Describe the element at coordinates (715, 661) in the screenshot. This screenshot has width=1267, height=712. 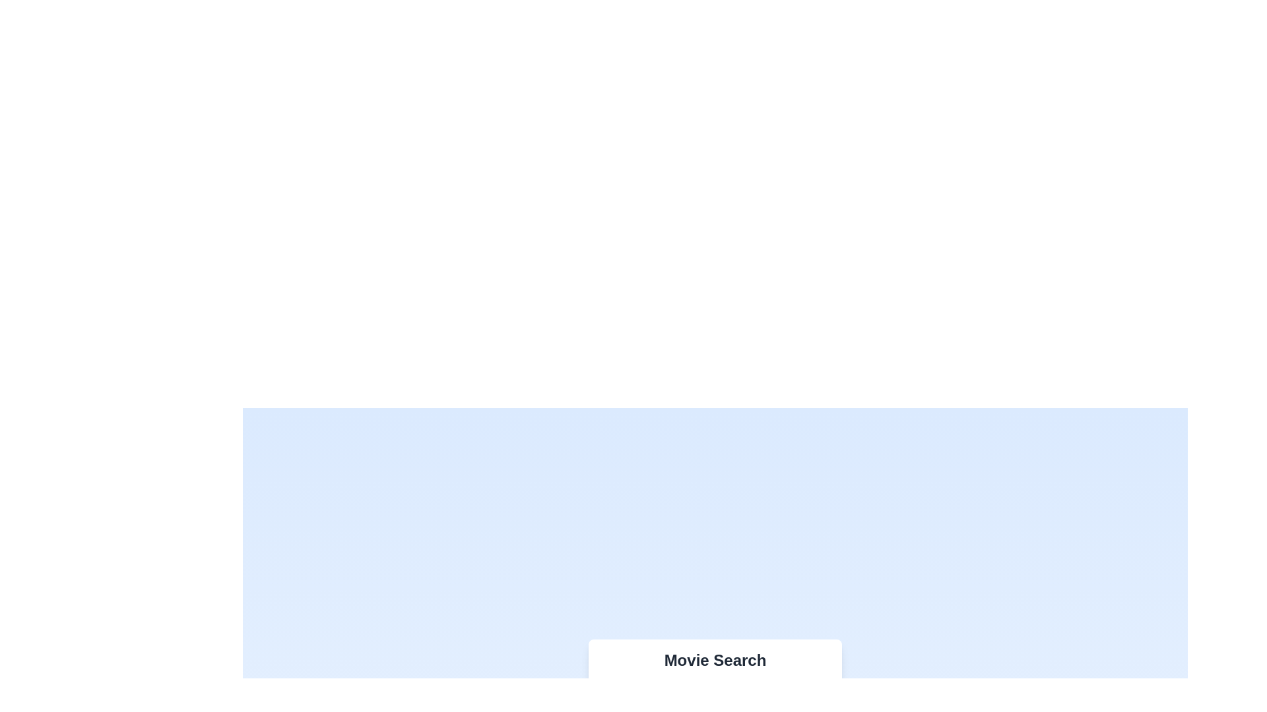
I see `the 'Movie Search' text label, which serves as the primary heading for the associated section of the interface` at that location.